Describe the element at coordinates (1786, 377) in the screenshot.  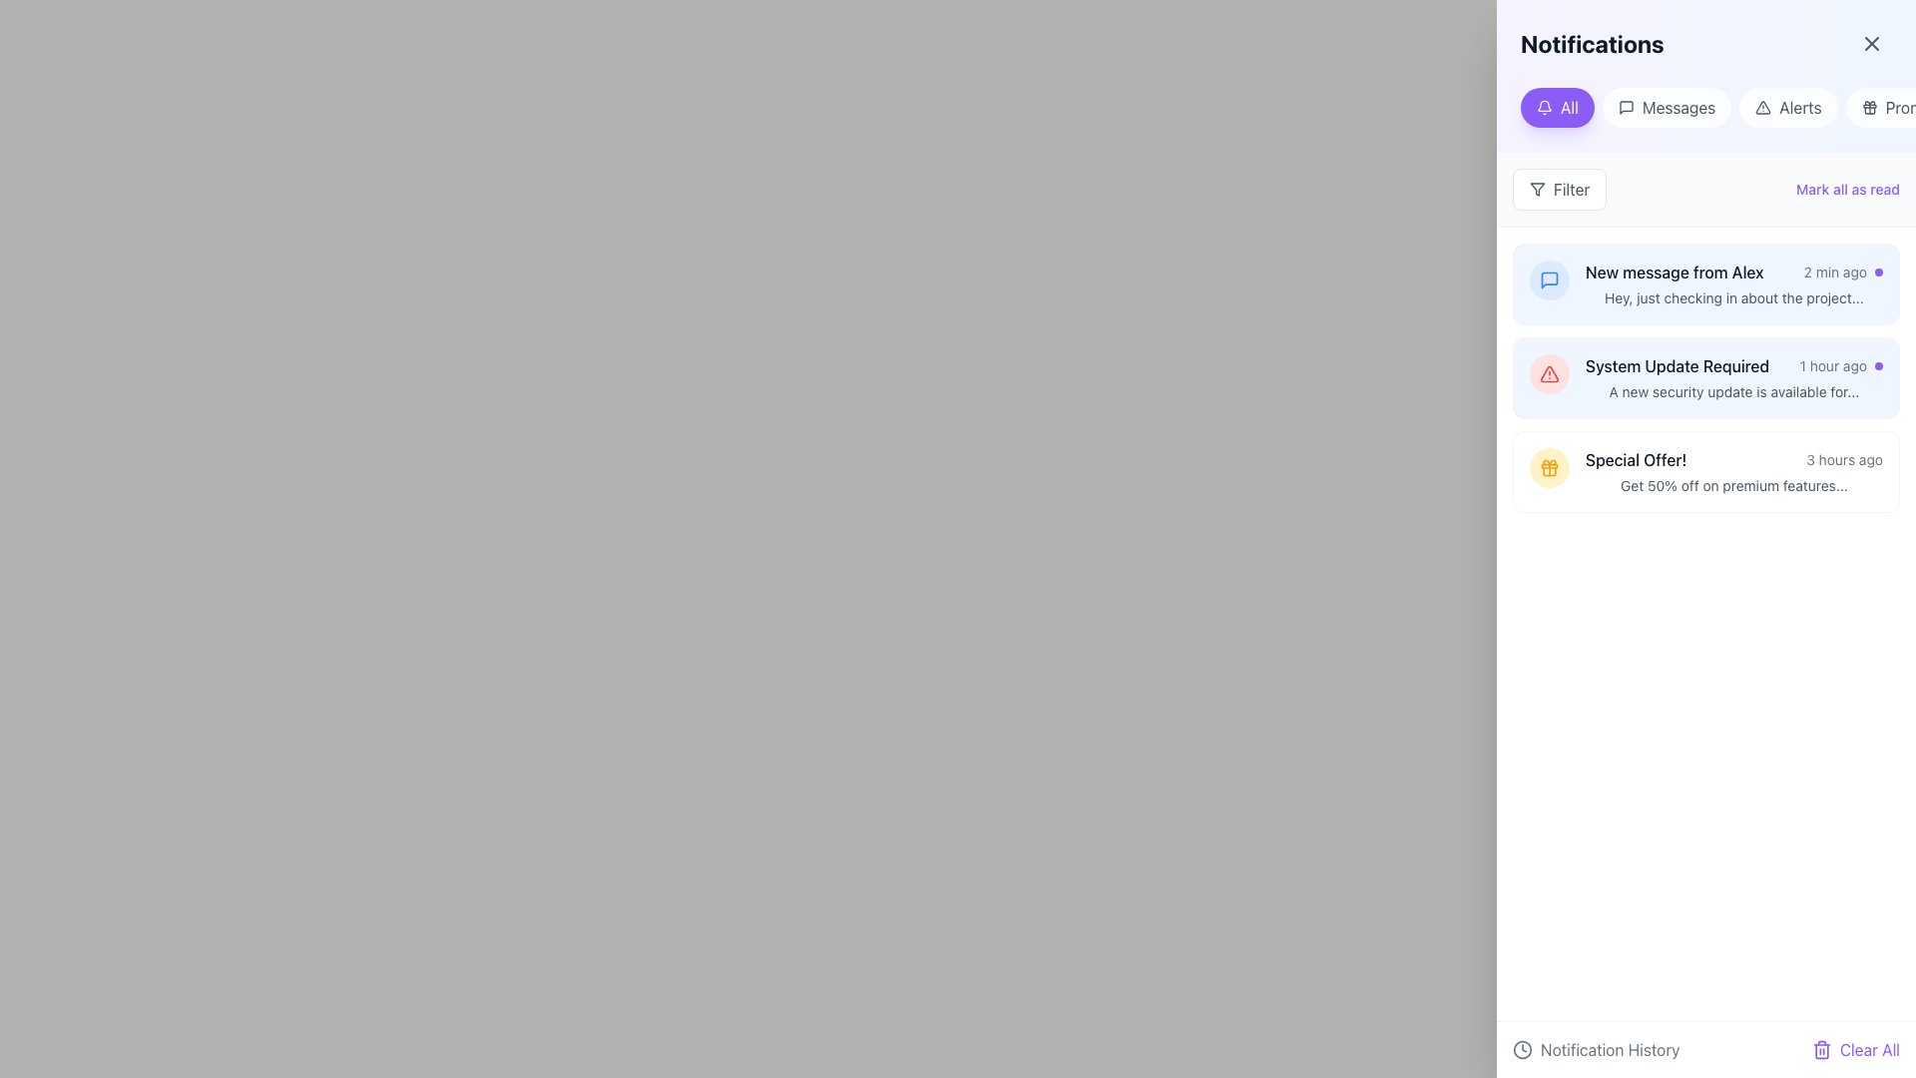
I see `the archive button located in the top-right of the 'System Update Required' notification card` at that location.